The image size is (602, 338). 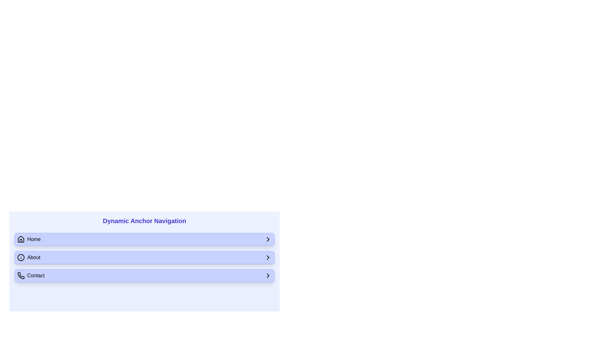 What do you see at coordinates (29, 239) in the screenshot?
I see `the 'Home' navigation menu item, which features a house icon and is part of the 'Dynamic Anchor Navigation' list` at bounding box center [29, 239].